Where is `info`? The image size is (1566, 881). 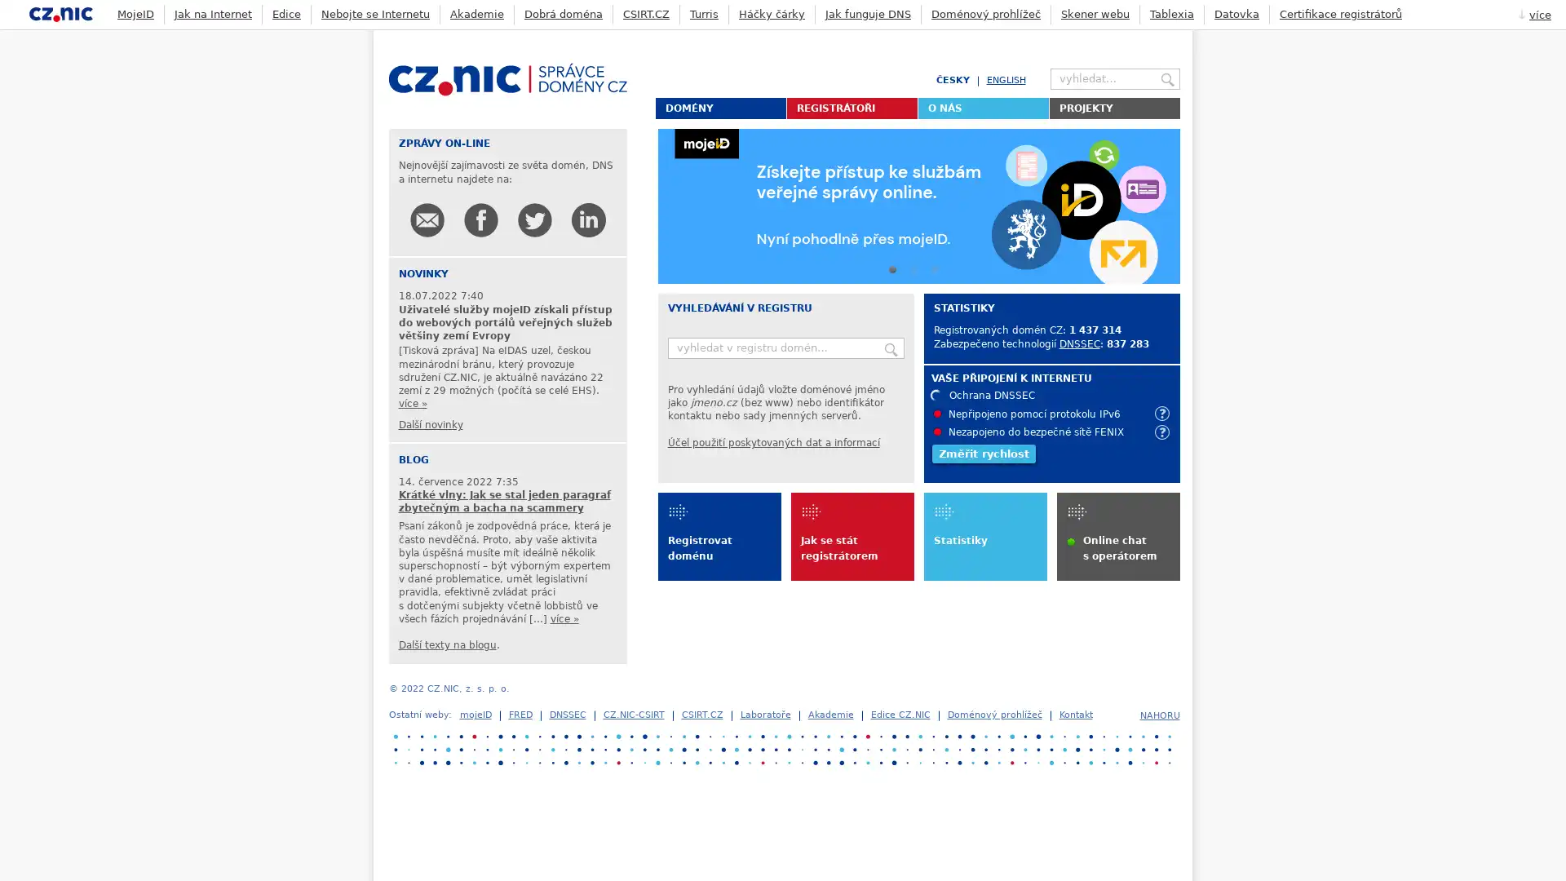 info is located at coordinates (1161, 430).